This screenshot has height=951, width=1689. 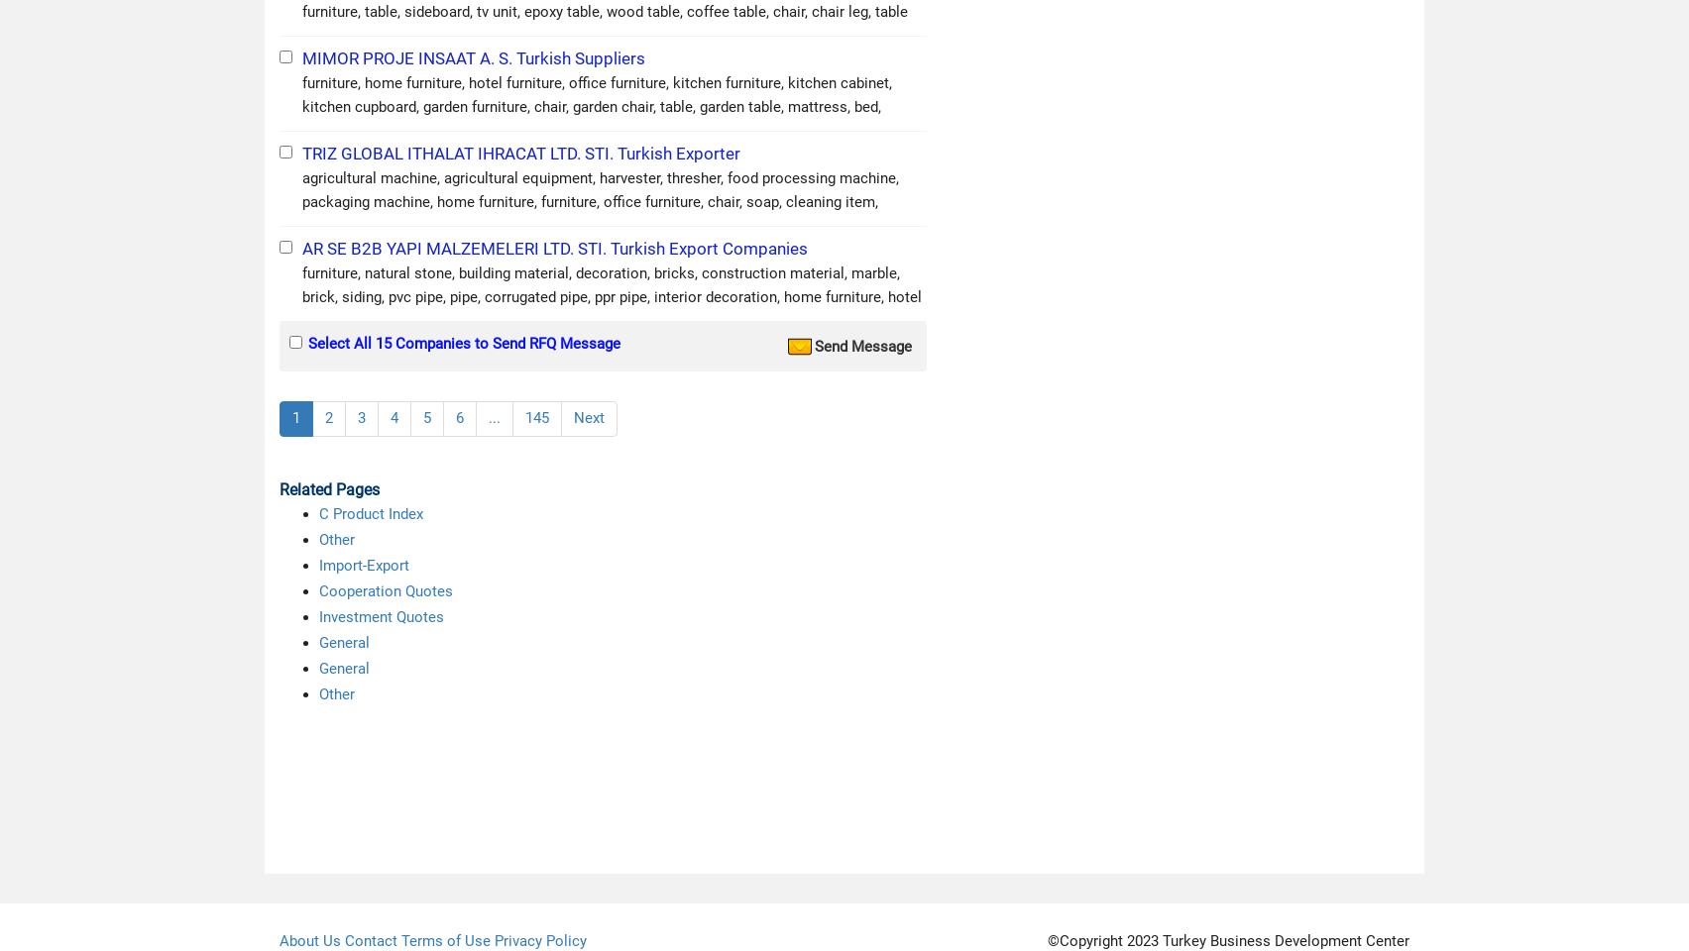 I want to click on 'Privacy Policy', so click(x=540, y=939).